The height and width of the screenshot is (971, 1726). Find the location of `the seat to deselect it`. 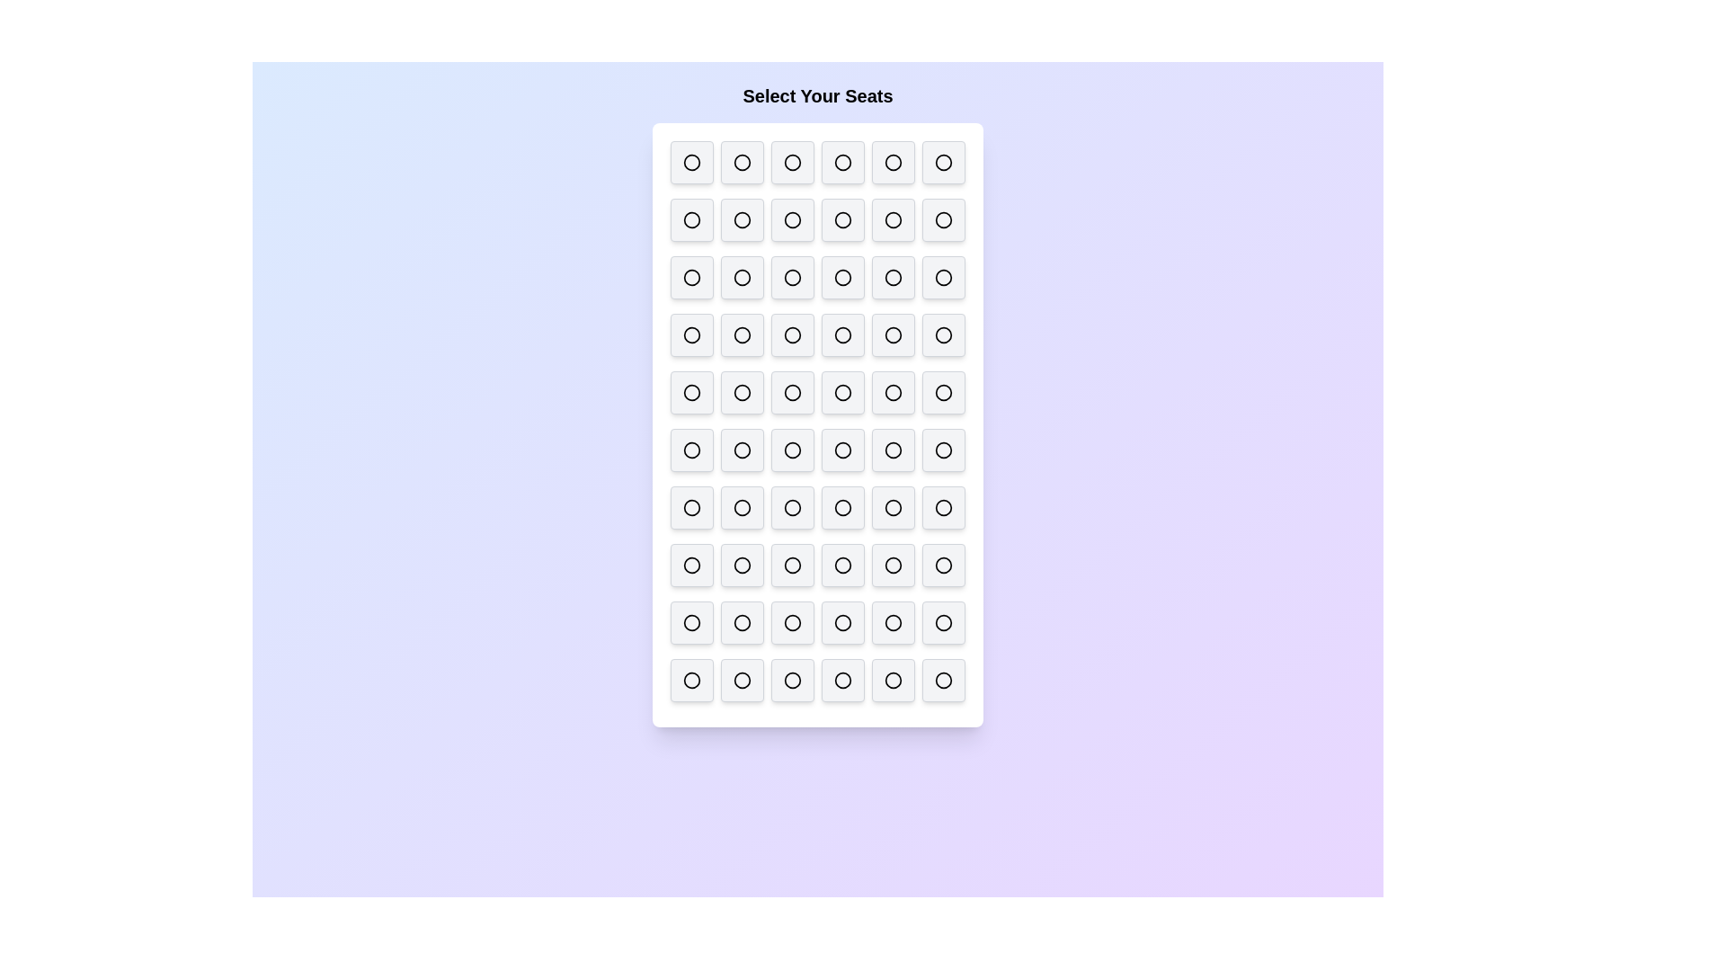

the seat to deselect it is located at coordinates (690, 163).